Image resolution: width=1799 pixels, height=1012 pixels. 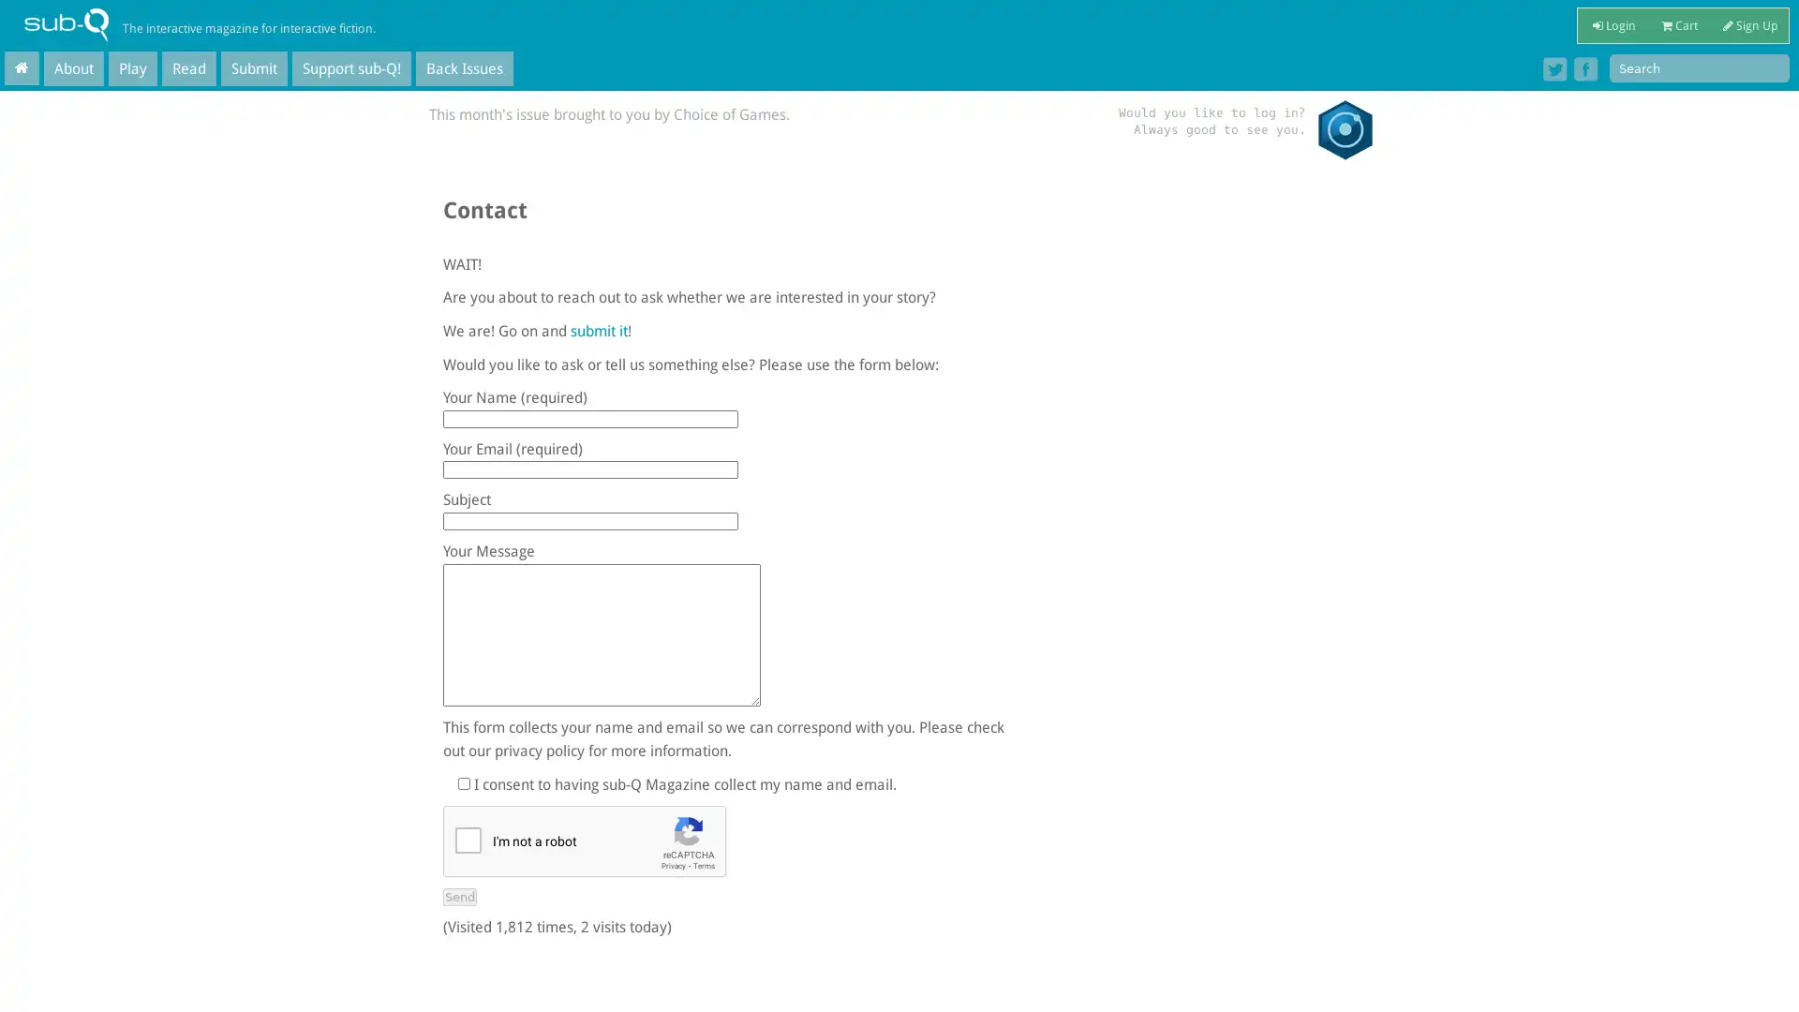 I want to click on Send, so click(x=458, y=896).